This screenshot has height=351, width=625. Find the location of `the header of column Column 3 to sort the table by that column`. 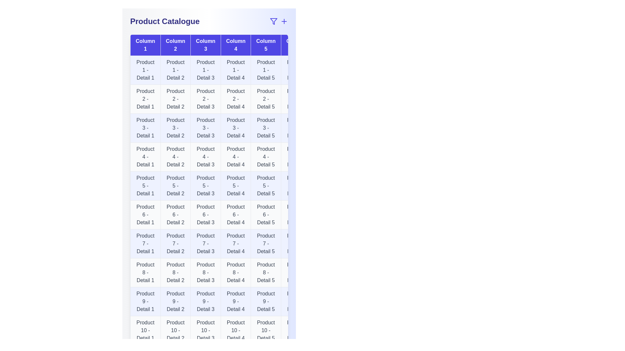

the header of column Column 3 to sort the table by that column is located at coordinates (205, 45).